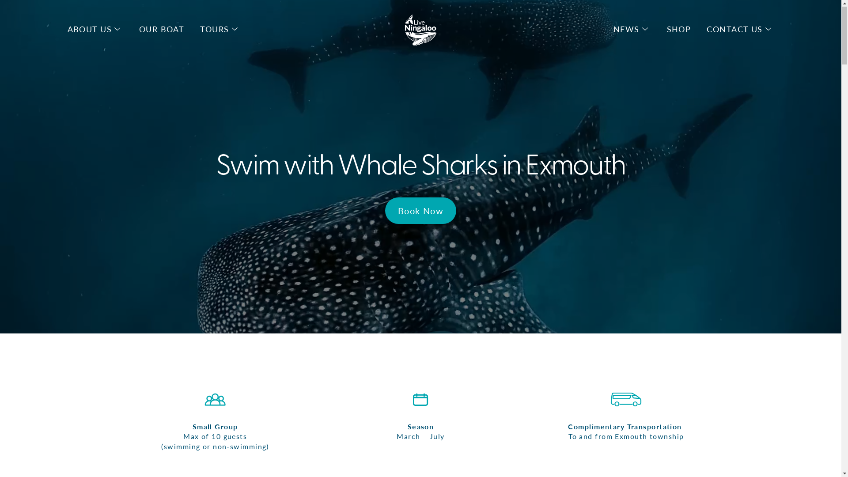 This screenshot has height=477, width=848. Describe the element at coordinates (768, 29) in the screenshot. I see `'Show sub menu'` at that location.